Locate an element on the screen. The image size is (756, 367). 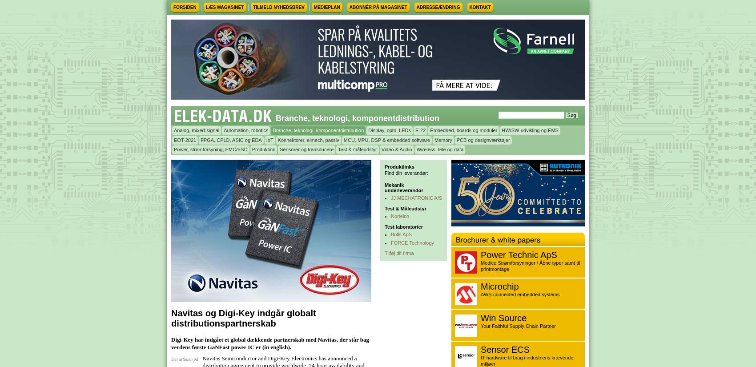
'Konnektorer, elmech, passiv' is located at coordinates (308, 139).